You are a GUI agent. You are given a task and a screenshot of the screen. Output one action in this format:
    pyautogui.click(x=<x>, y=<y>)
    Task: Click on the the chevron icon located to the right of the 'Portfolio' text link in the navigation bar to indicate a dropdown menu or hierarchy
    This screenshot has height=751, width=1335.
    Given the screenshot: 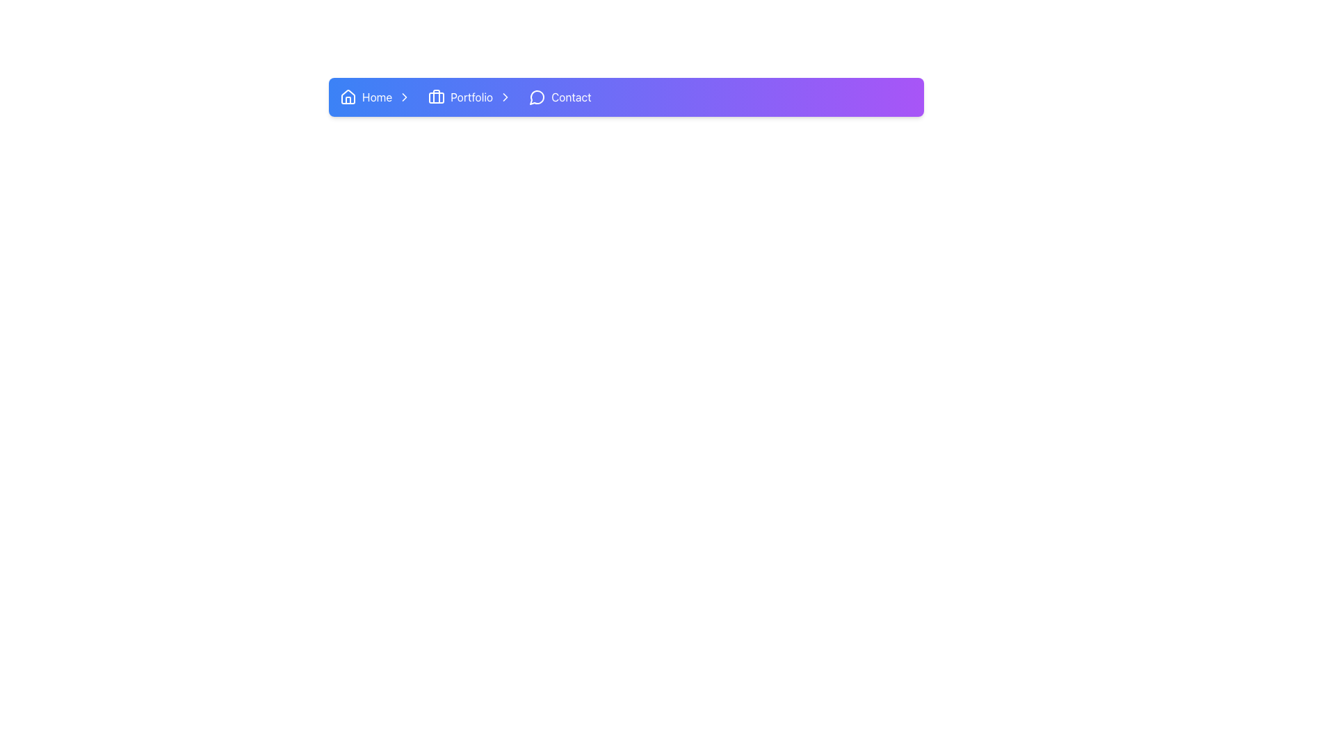 What is the action you would take?
    pyautogui.click(x=505, y=96)
    